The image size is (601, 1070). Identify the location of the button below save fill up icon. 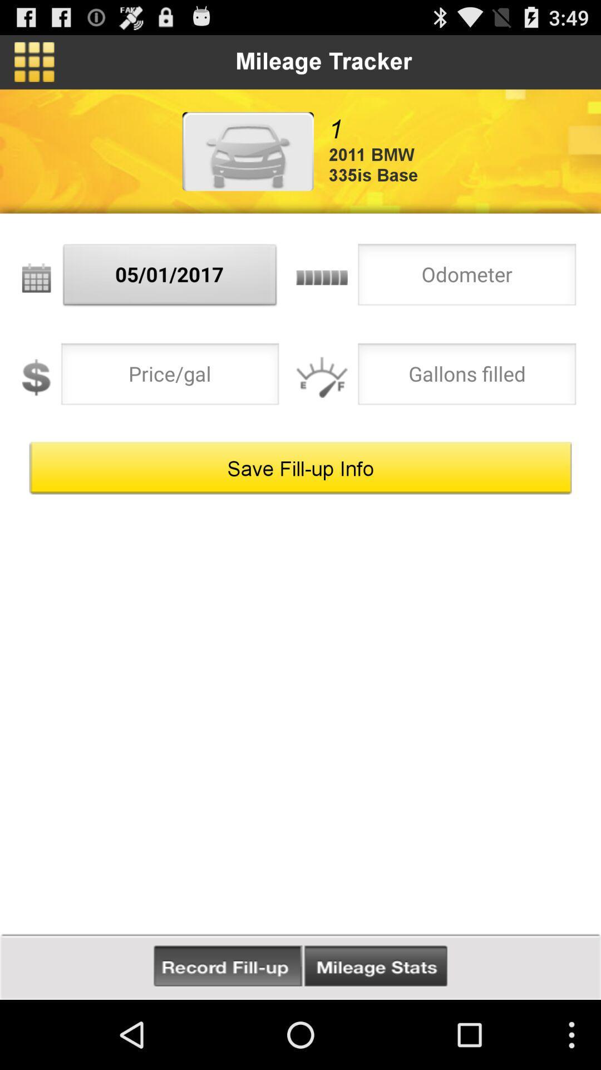
(227, 966).